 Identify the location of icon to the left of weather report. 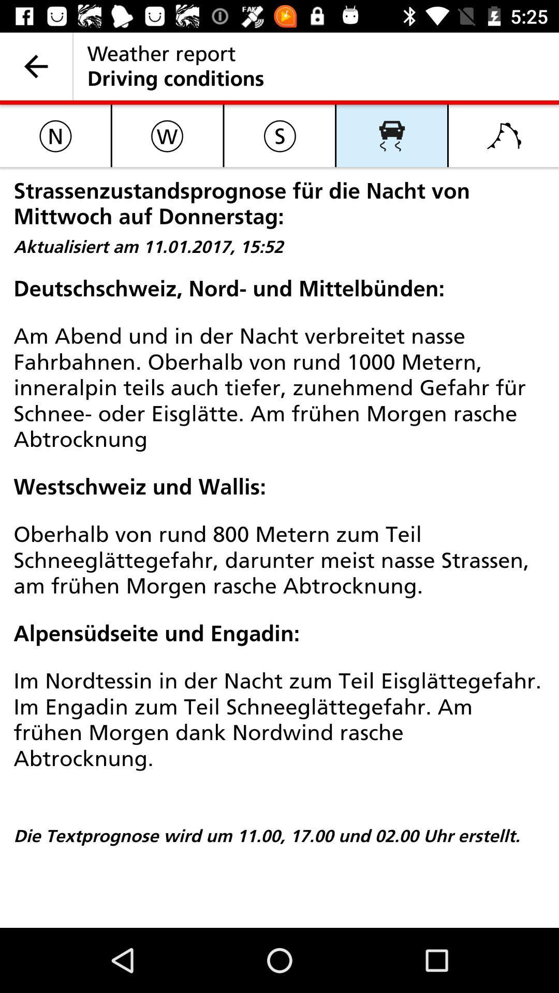
(35, 66).